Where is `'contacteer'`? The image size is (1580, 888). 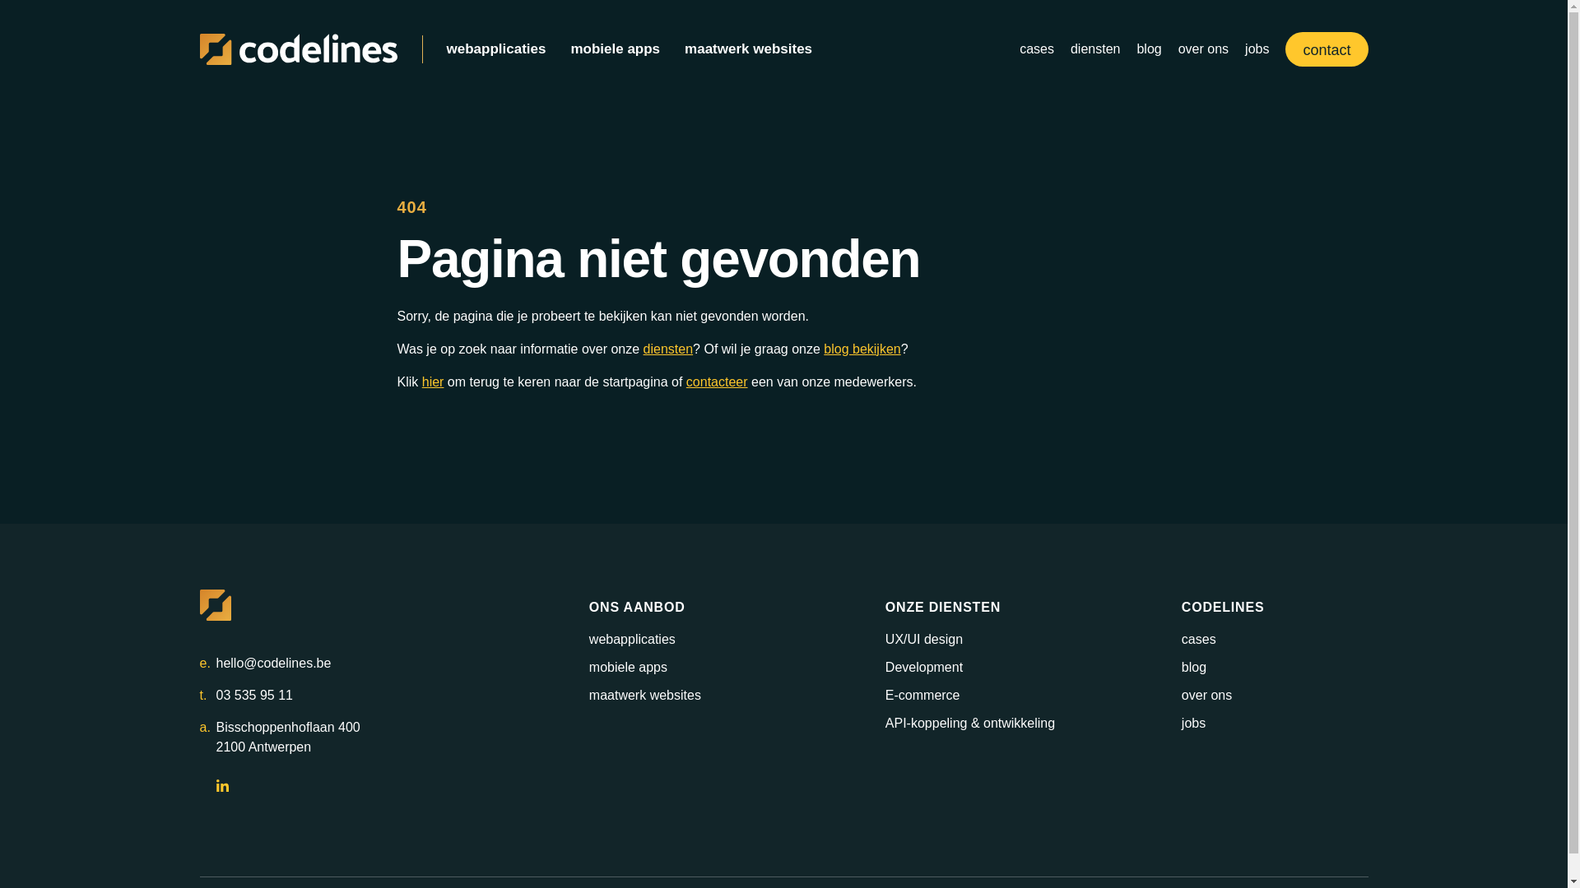 'contacteer' is located at coordinates (717, 382).